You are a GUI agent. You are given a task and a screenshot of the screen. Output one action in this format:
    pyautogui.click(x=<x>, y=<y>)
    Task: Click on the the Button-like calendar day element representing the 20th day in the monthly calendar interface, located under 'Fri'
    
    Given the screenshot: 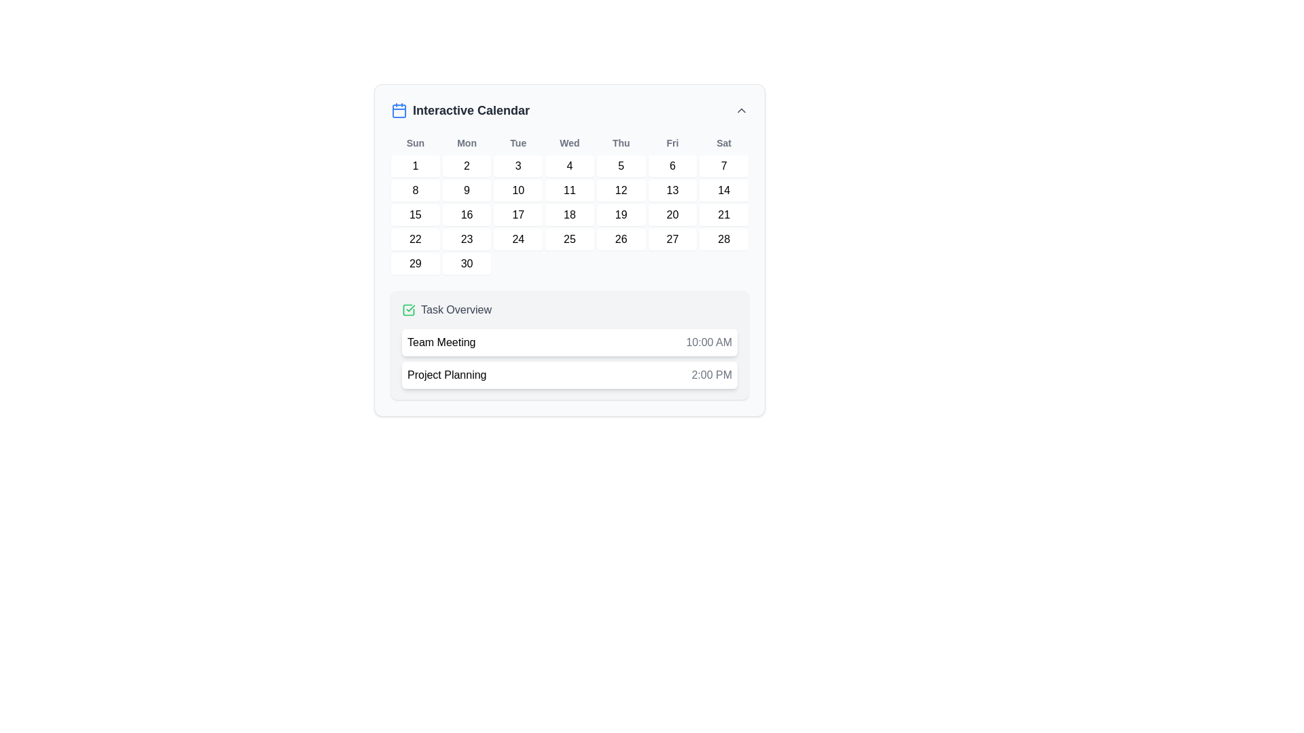 What is the action you would take?
    pyautogui.click(x=672, y=214)
    